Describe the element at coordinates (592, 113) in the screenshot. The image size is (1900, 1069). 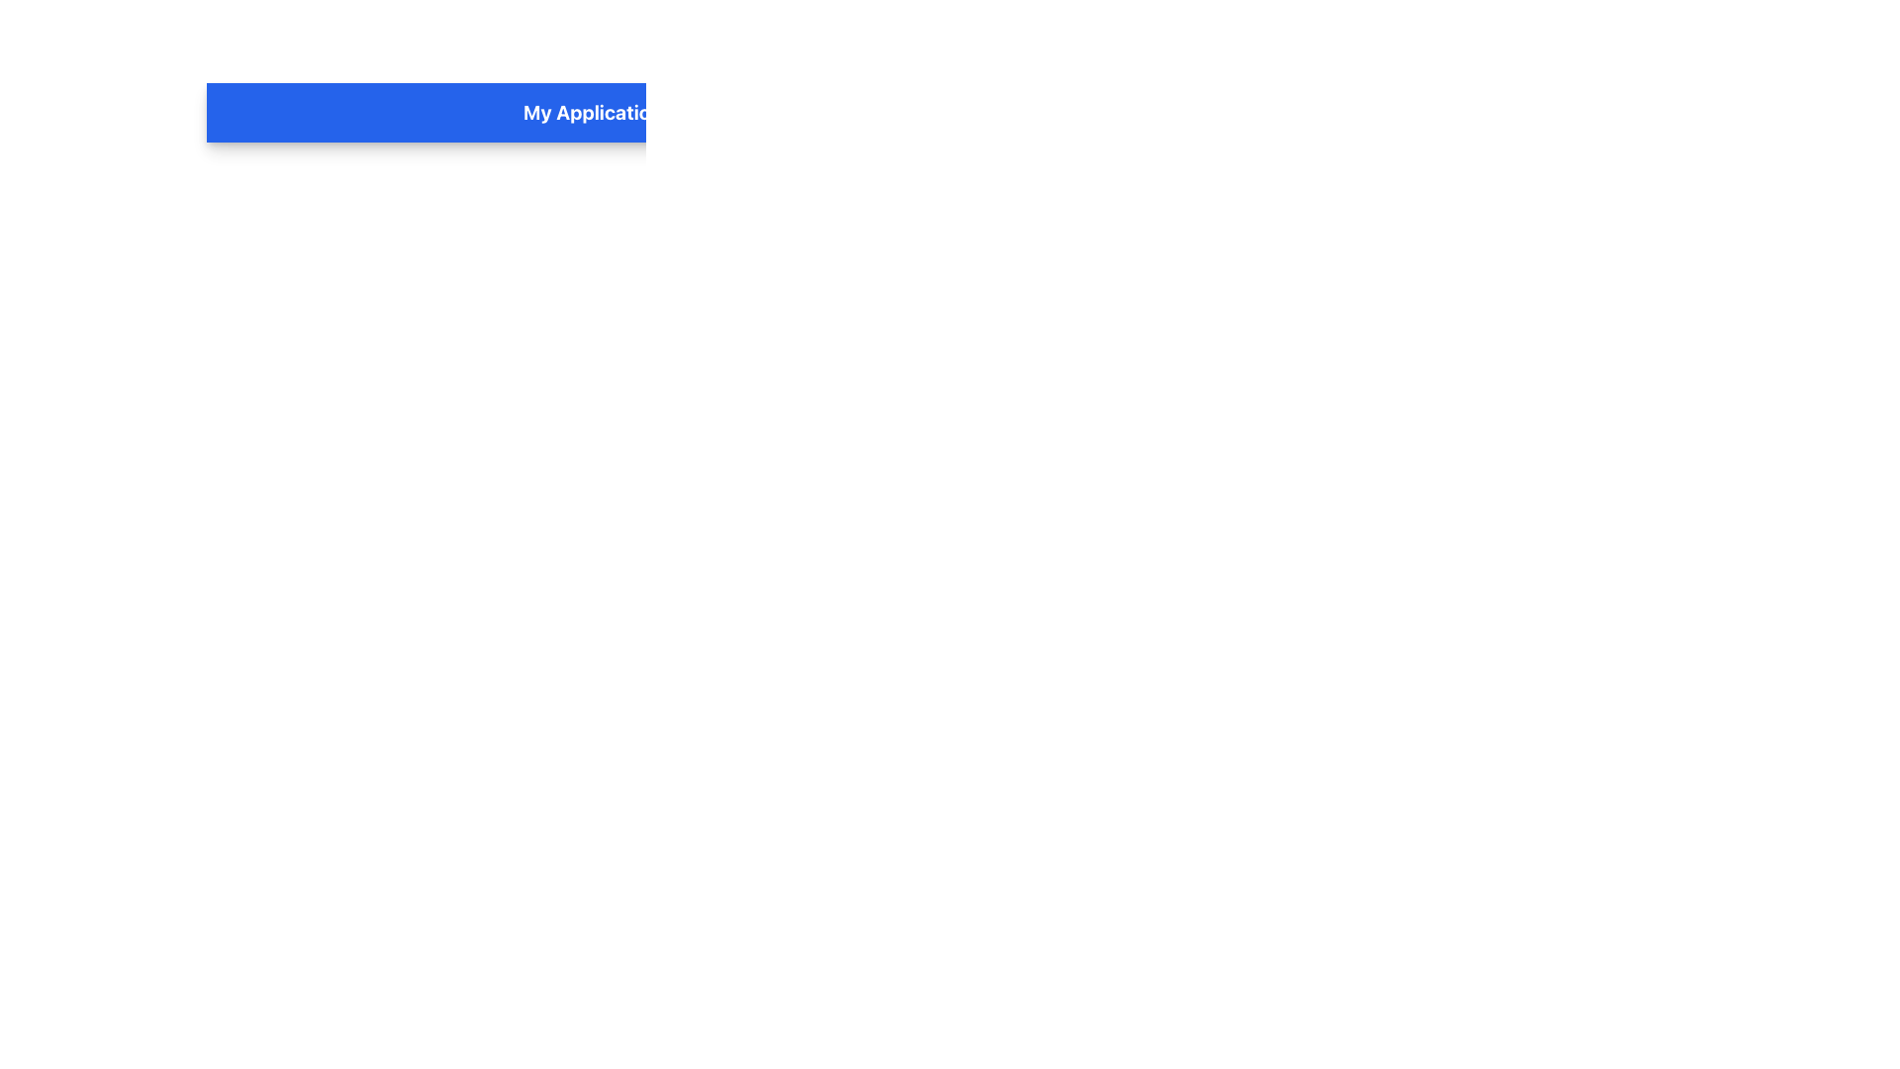
I see `the branding text label located in the top-left area of the application, which identifies the application to users` at that location.